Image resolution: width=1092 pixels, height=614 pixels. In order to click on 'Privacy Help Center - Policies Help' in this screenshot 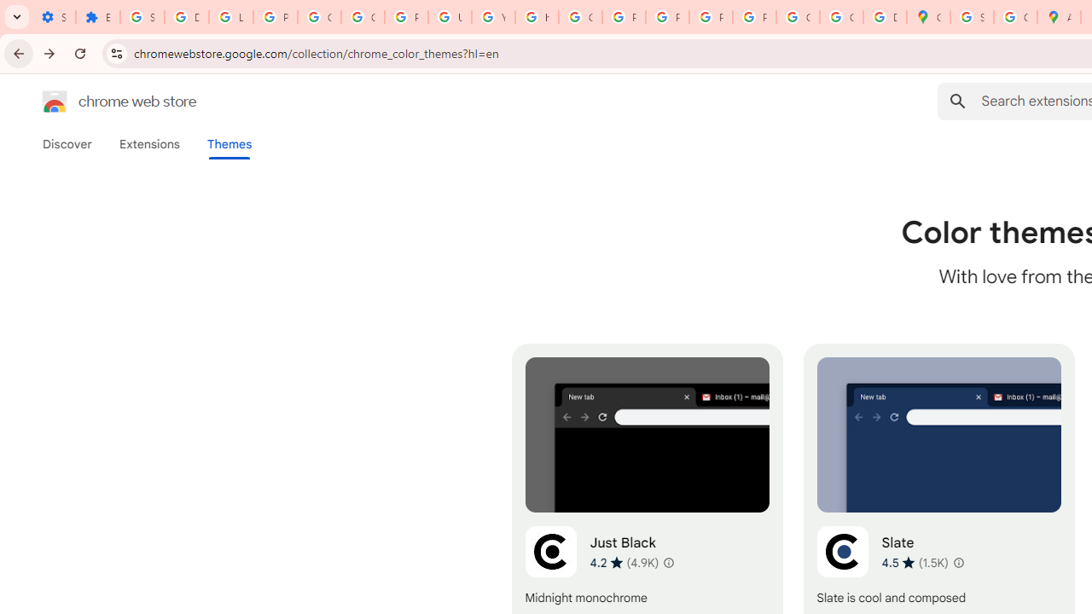, I will do `click(623, 17)`.